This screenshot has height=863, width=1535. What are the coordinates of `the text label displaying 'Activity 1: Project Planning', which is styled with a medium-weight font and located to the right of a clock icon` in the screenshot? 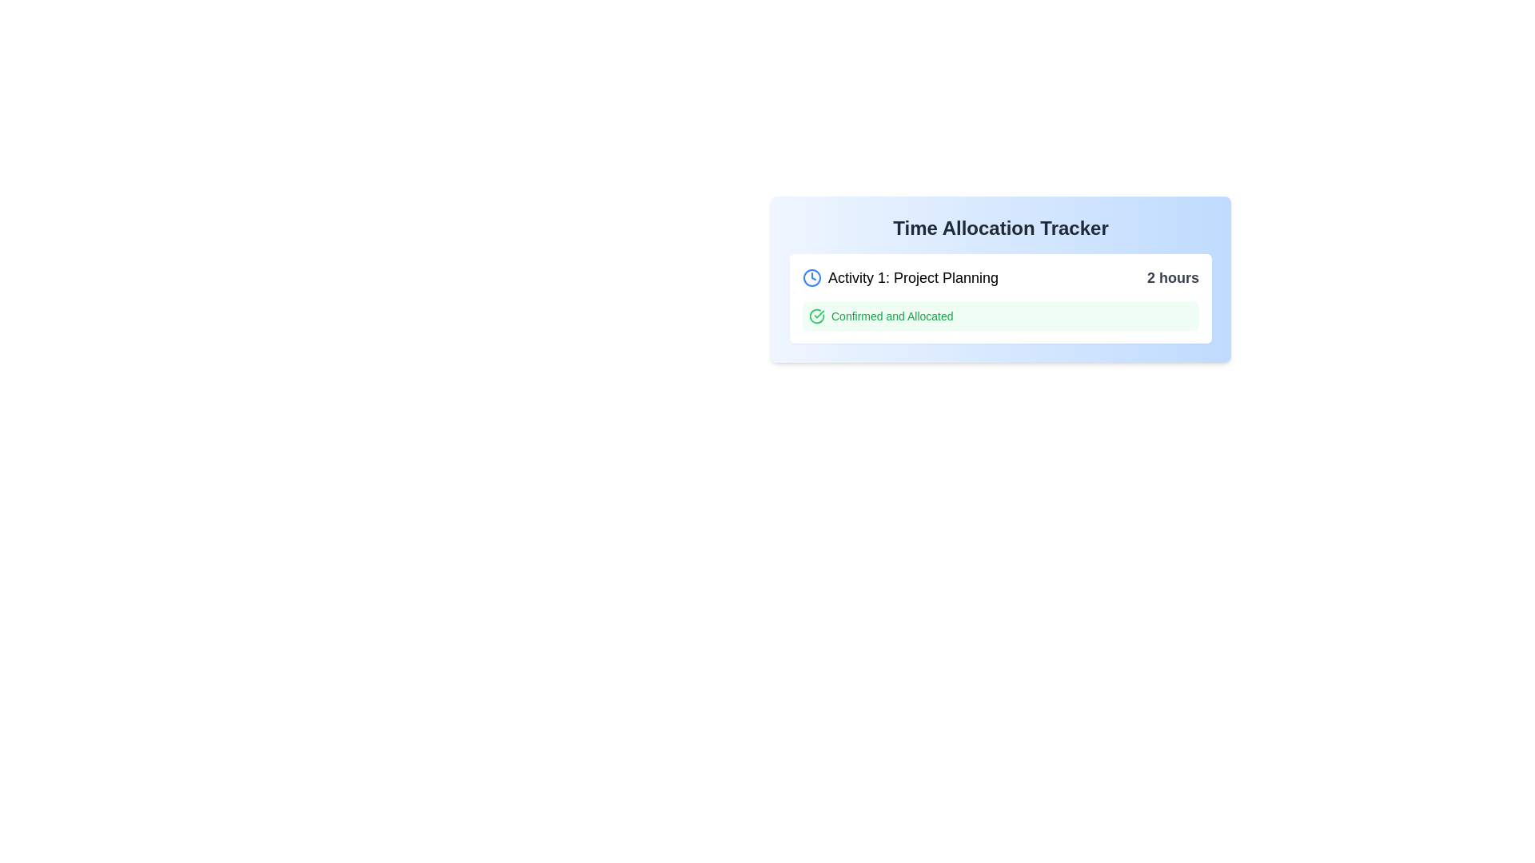 It's located at (913, 276).